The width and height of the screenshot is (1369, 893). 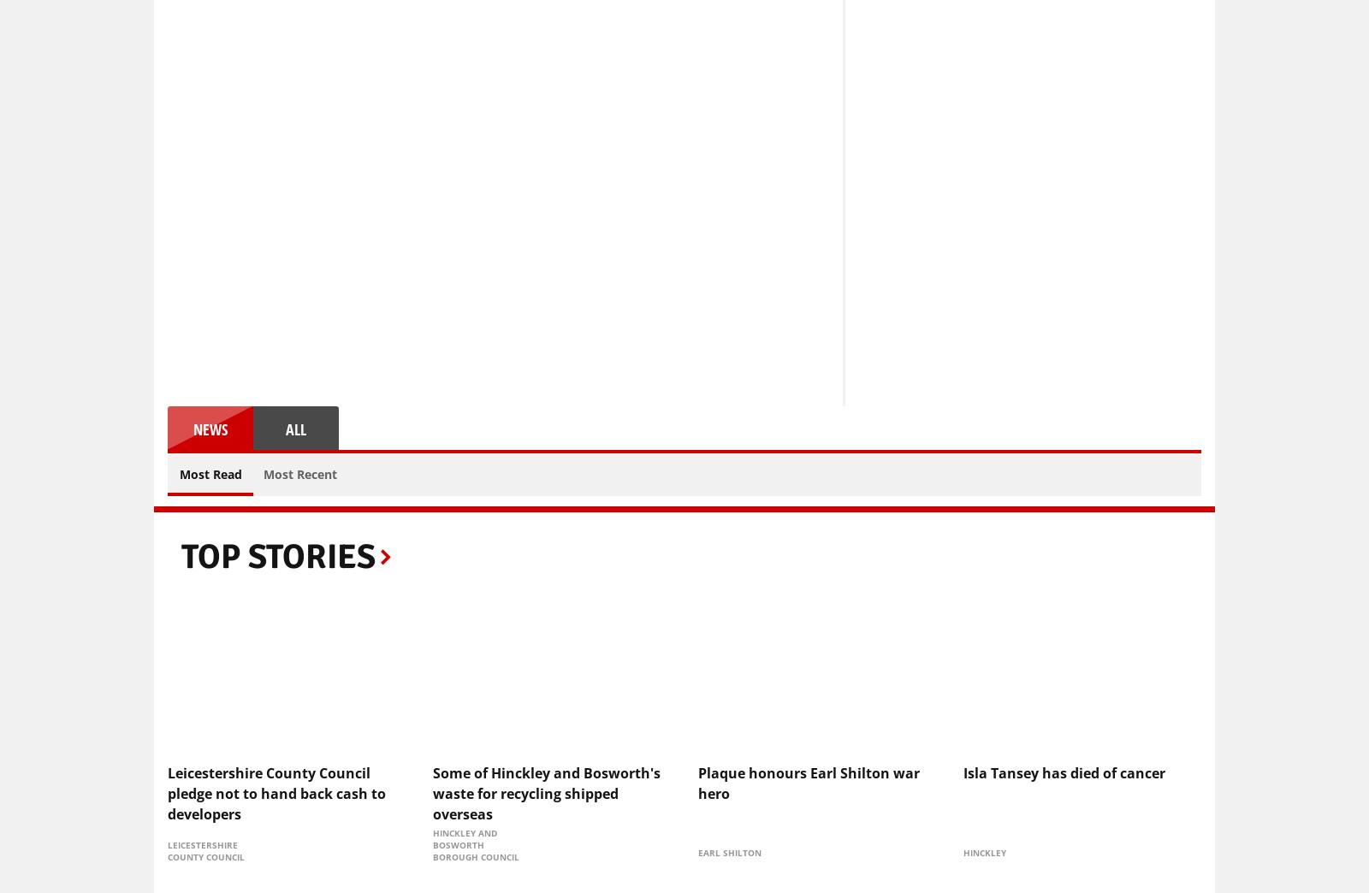 I want to click on 'Most Read', so click(x=210, y=472).